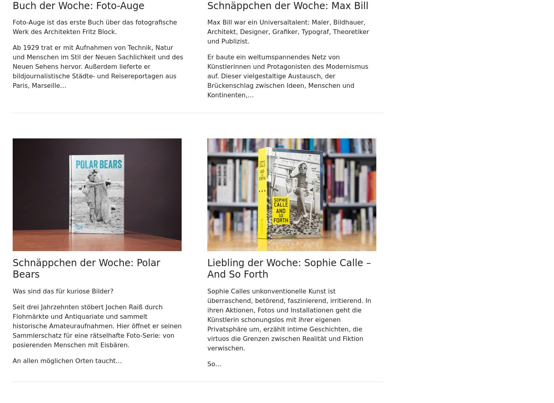 The image size is (554, 403). I want to click on '50679 Köln', so click(225, 24).